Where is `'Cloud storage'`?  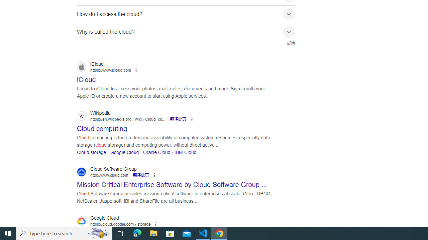
'Cloud storage' is located at coordinates (91, 152).